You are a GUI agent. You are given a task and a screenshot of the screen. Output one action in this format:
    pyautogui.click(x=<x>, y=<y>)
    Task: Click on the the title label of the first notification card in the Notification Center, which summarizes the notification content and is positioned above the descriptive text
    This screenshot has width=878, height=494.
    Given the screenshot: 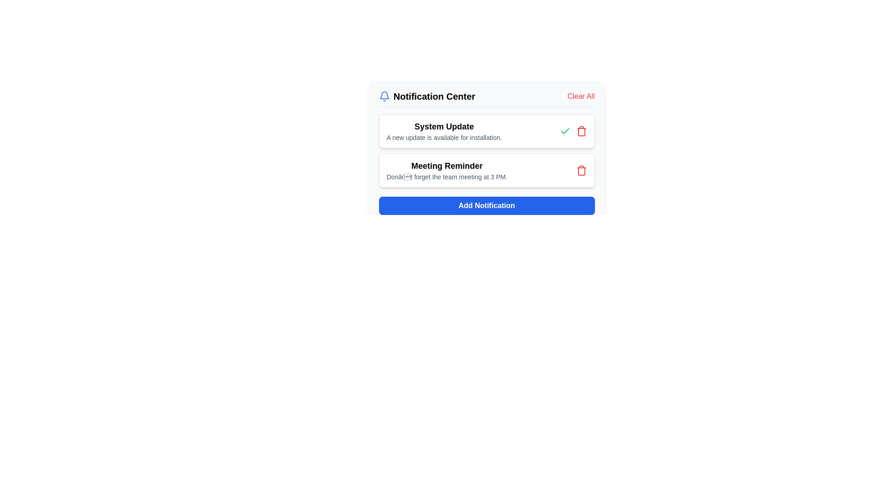 What is the action you would take?
    pyautogui.click(x=444, y=127)
    